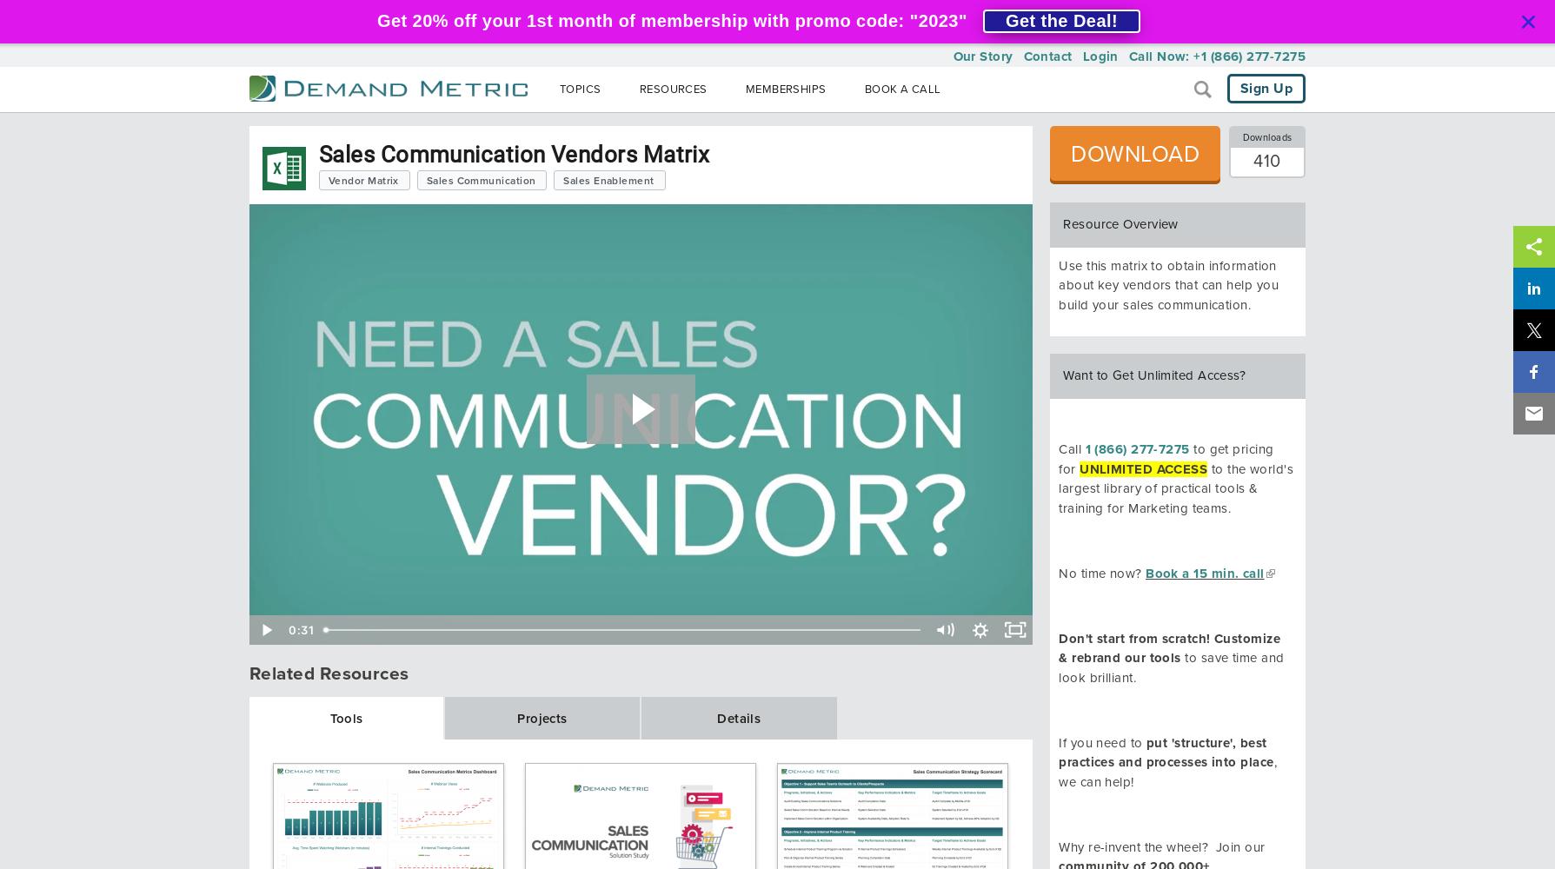  Describe the element at coordinates (862, 89) in the screenshot. I see `'Book a Call'` at that location.